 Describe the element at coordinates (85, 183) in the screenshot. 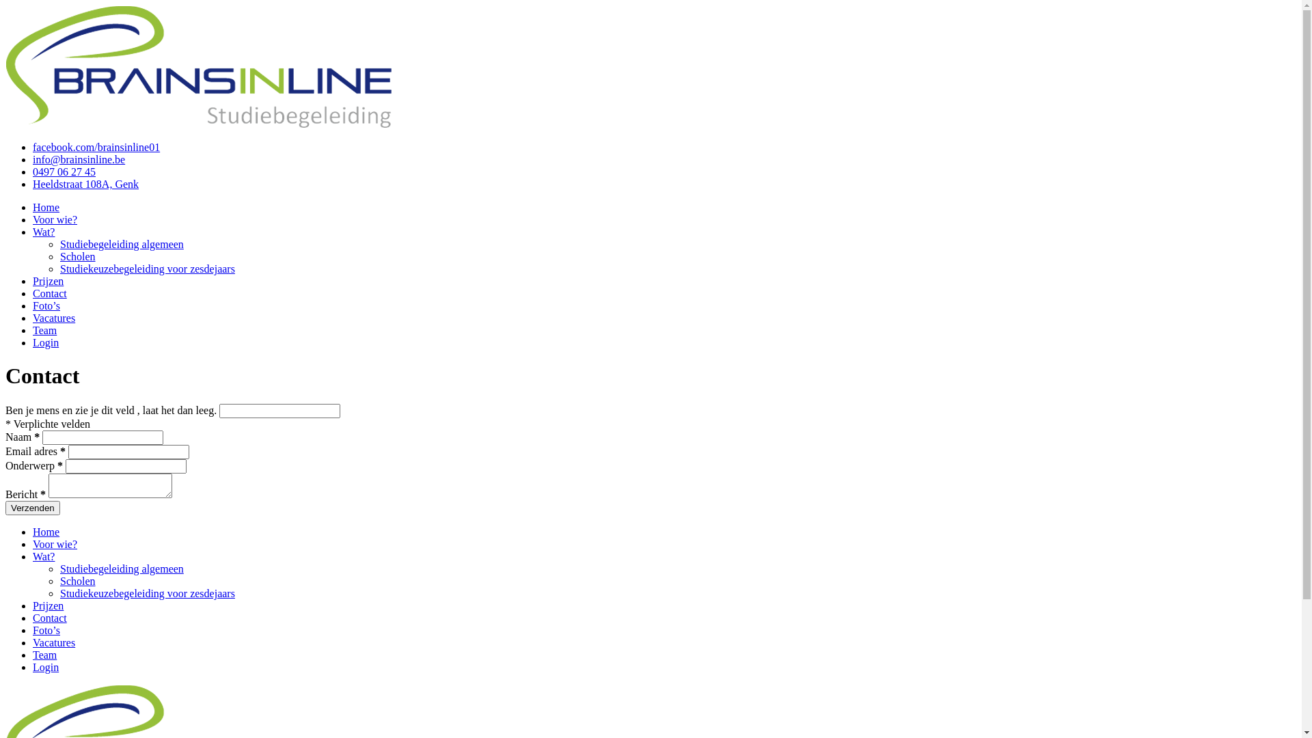

I see `'Heeldstraat 108A, Genk'` at that location.